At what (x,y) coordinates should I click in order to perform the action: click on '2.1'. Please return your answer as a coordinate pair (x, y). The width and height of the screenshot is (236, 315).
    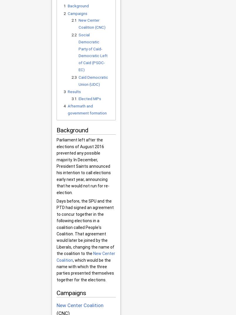
    Looking at the image, I should click on (71, 20).